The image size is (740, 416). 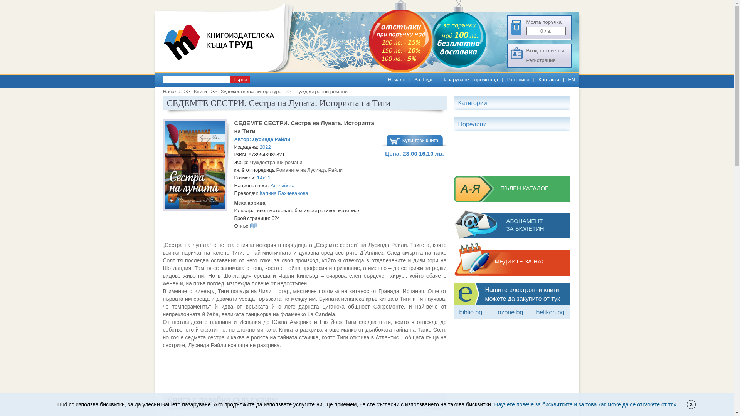 What do you see at coordinates (691, 404) in the screenshot?
I see `'X'` at bounding box center [691, 404].